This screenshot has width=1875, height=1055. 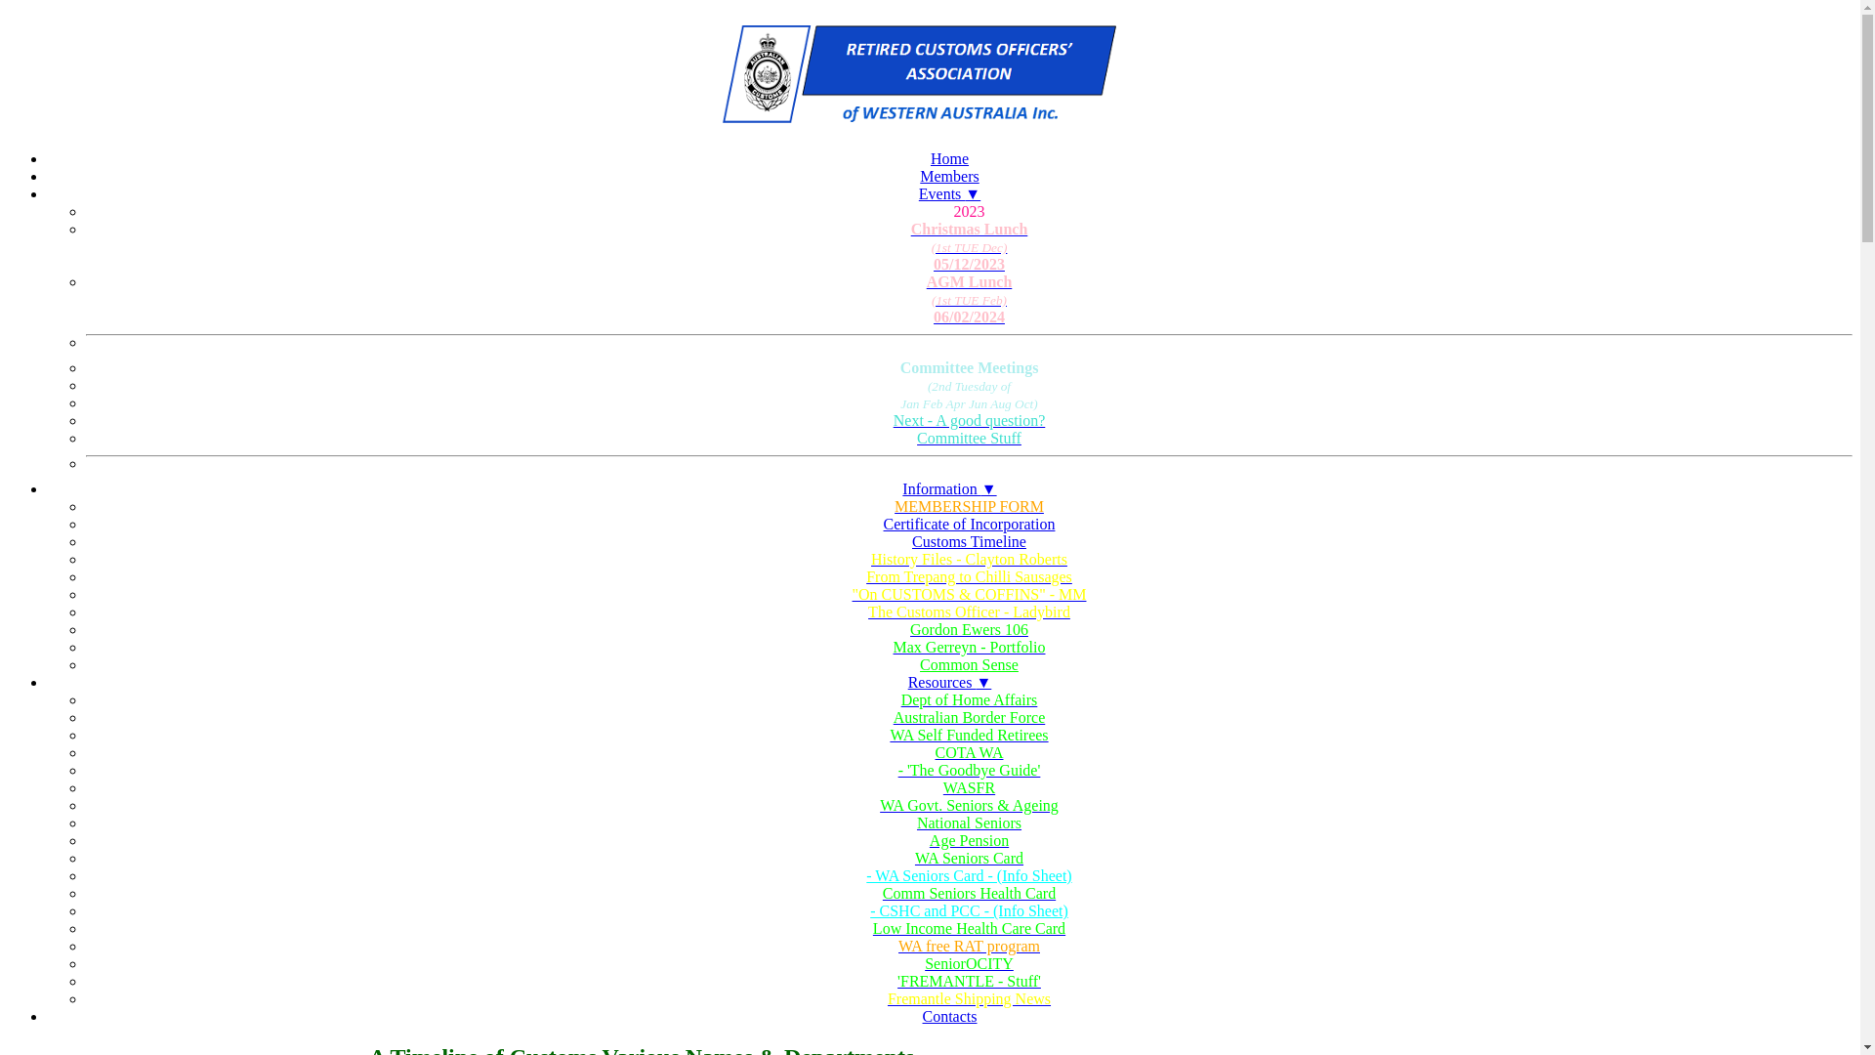 What do you see at coordinates (969, 541) in the screenshot?
I see `'Customs Timeline'` at bounding box center [969, 541].